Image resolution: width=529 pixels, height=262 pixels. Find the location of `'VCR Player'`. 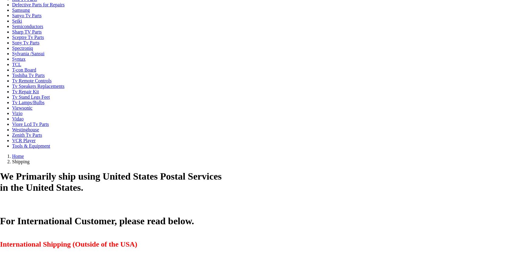

'VCR Player' is located at coordinates (24, 140).